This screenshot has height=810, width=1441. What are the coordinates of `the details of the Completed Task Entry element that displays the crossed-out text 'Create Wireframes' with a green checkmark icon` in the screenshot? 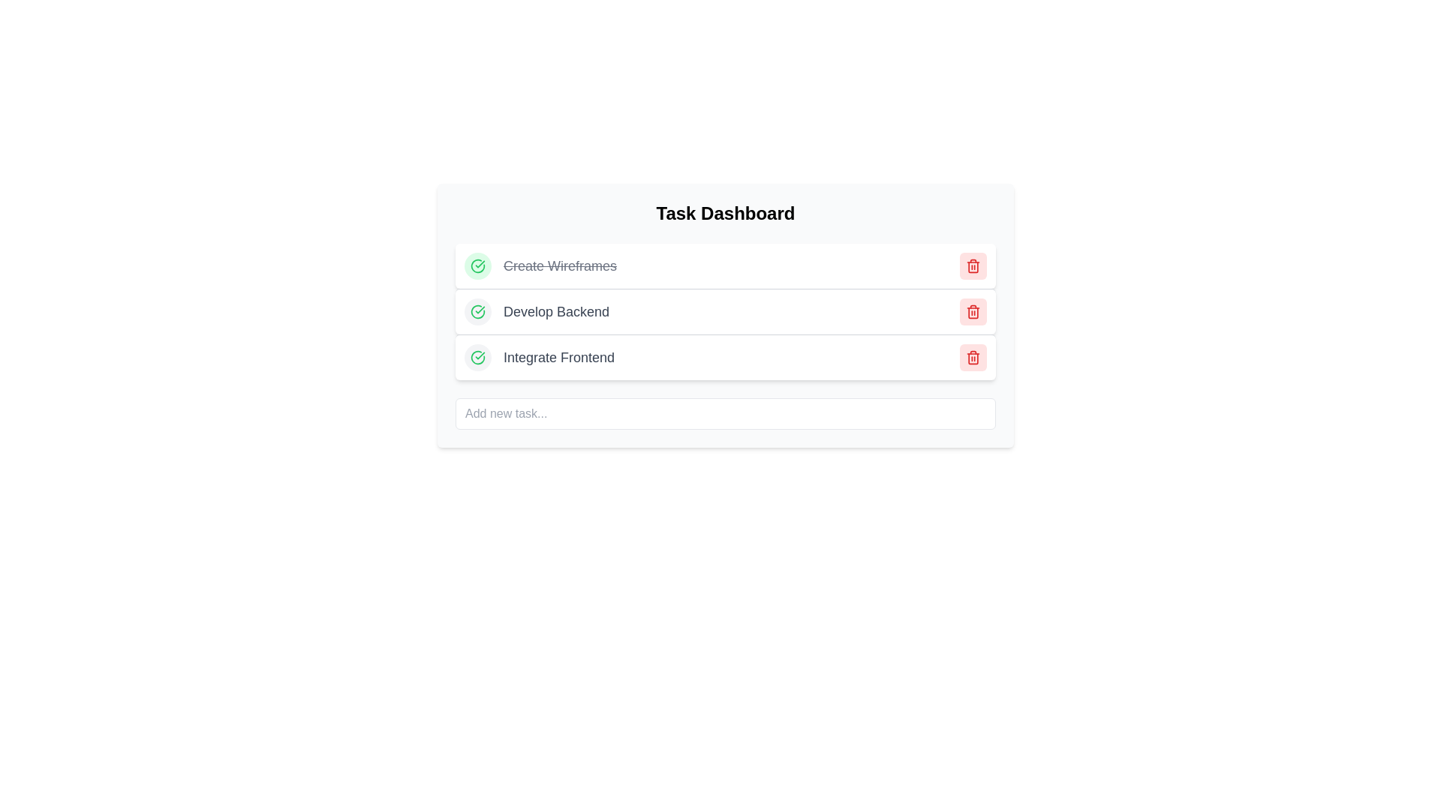 It's located at (540, 265).